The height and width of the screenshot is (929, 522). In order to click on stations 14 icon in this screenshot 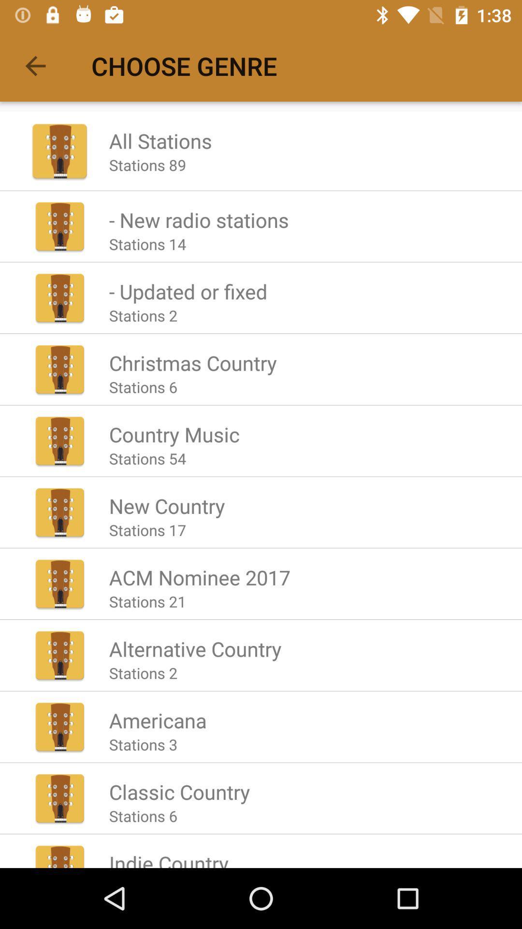, I will do `click(147, 244)`.